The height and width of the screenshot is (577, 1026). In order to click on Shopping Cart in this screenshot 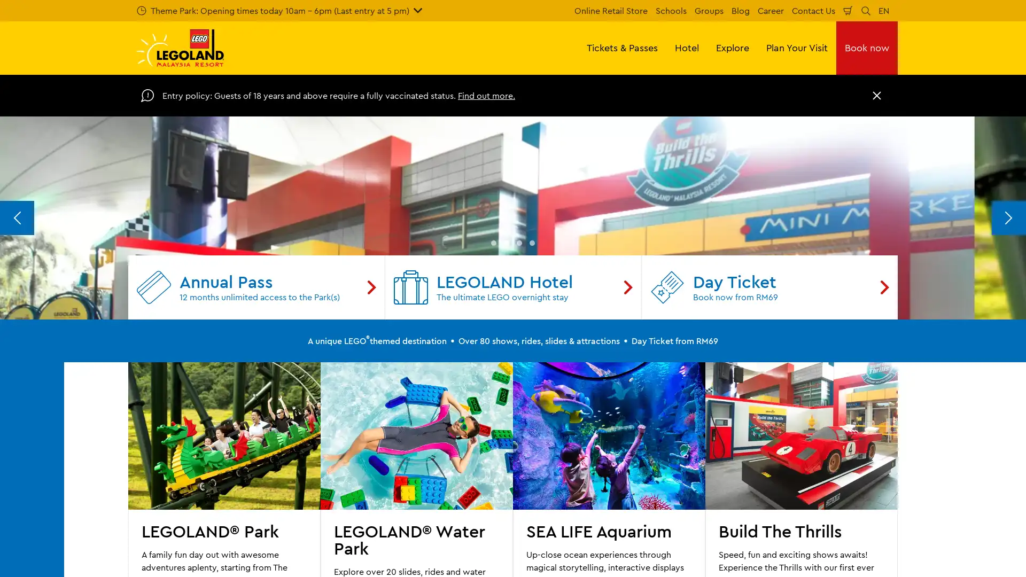, I will do `click(848, 10)`.